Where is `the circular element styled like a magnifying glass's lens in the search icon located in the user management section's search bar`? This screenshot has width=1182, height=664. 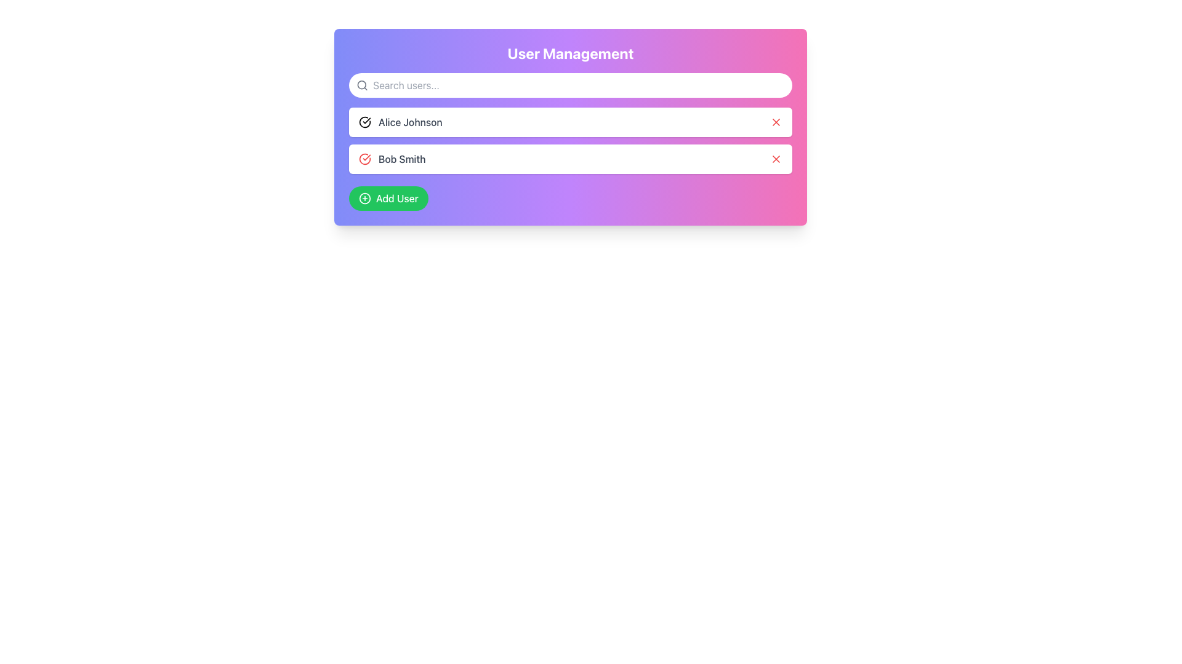 the circular element styled like a magnifying glass's lens in the search icon located in the user management section's search bar is located at coordinates (361, 84).